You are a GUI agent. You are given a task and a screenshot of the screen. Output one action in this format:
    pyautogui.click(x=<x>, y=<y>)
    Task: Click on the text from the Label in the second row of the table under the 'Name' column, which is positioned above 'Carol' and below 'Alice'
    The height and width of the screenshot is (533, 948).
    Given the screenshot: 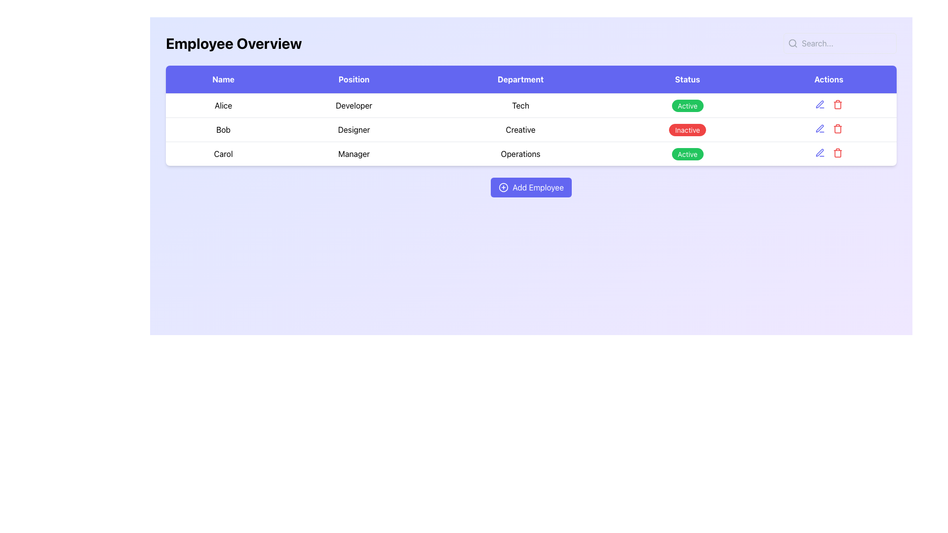 What is the action you would take?
    pyautogui.click(x=223, y=129)
    